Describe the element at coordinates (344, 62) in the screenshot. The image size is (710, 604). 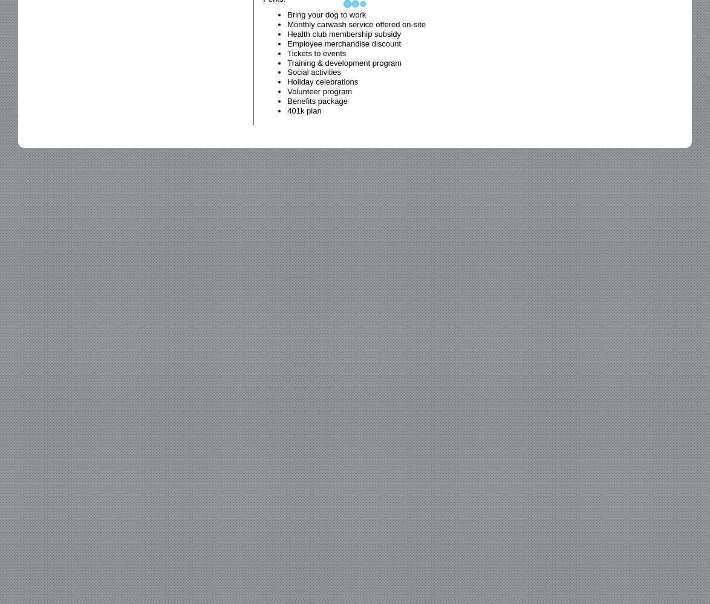
I see `'Training & development program'` at that location.